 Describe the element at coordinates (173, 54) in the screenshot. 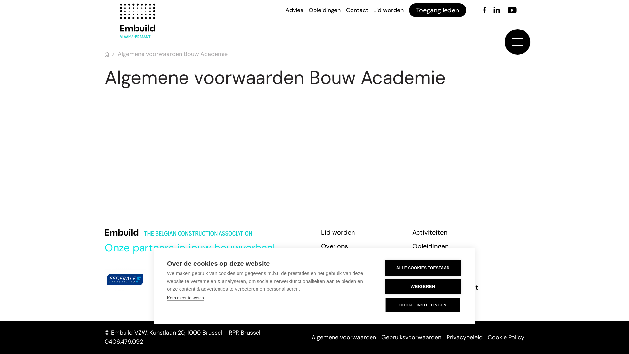

I see `'Algemene voorwaarden Bouw Academie'` at that location.